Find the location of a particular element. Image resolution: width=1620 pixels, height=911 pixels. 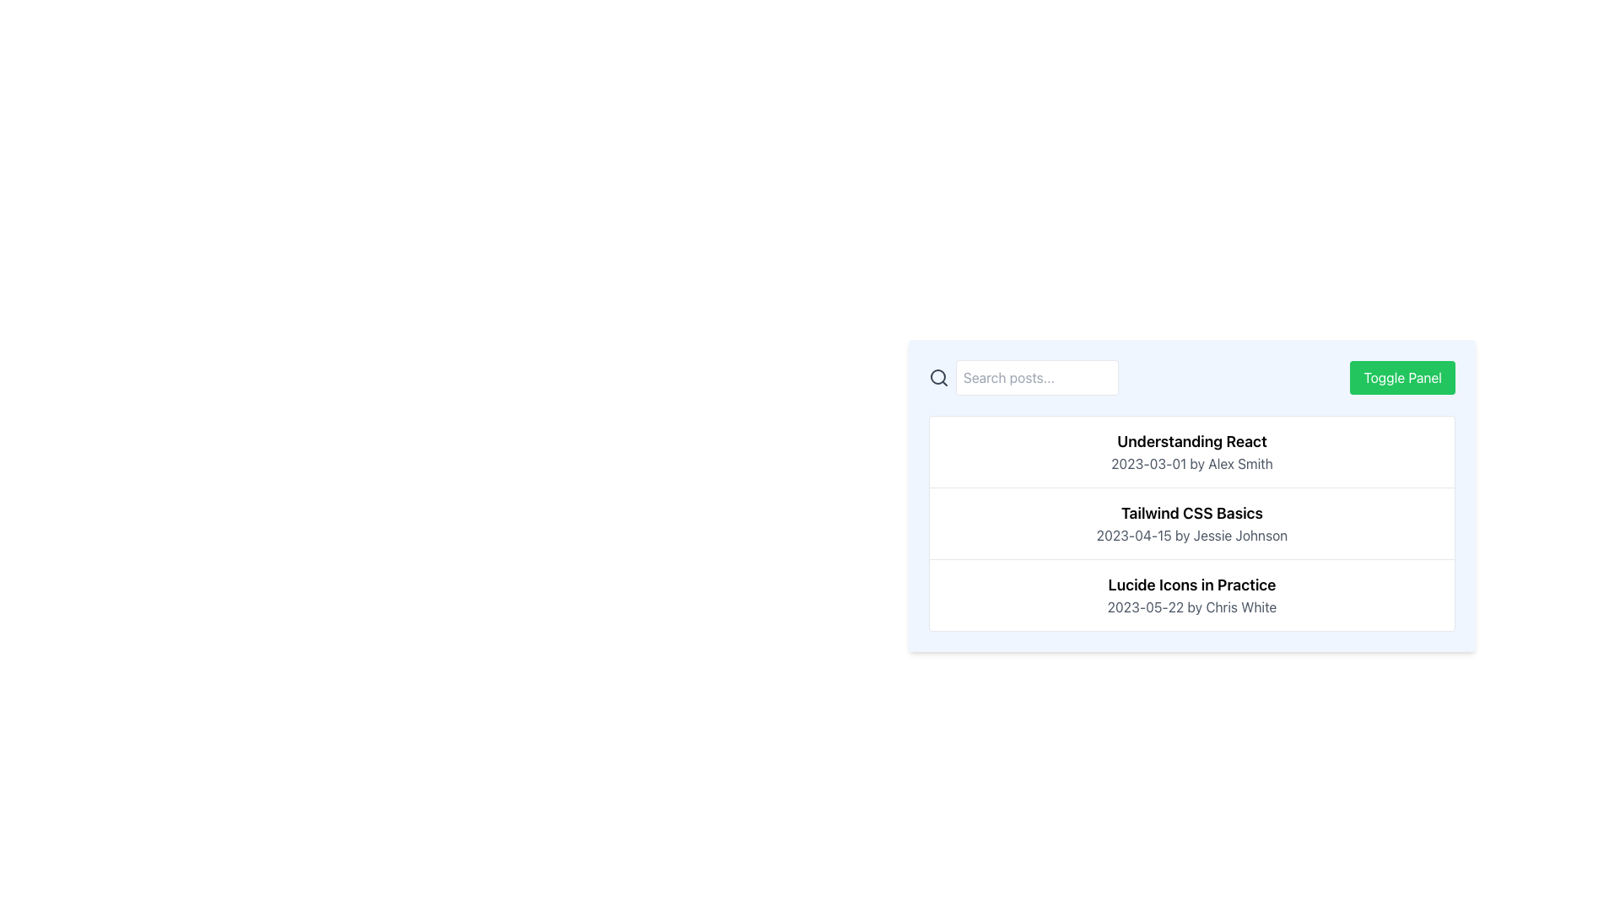

the Text Block that previews the article titled 'Tailwind CSS Basics', which is the second item in a vertical list of articles is located at coordinates (1191, 522).